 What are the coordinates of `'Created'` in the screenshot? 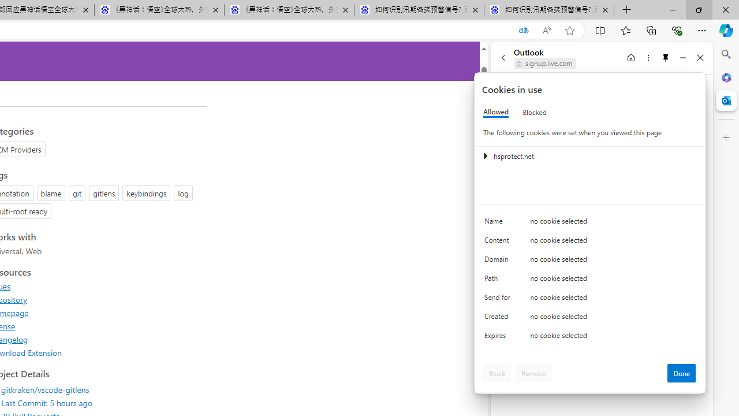 It's located at (499, 319).